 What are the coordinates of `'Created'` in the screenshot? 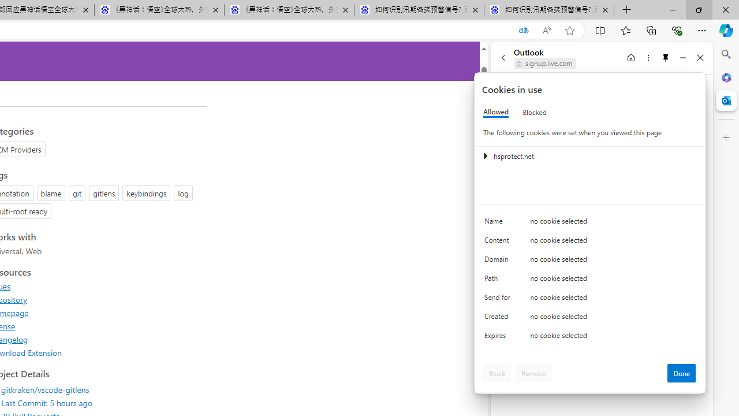 It's located at (499, 319).